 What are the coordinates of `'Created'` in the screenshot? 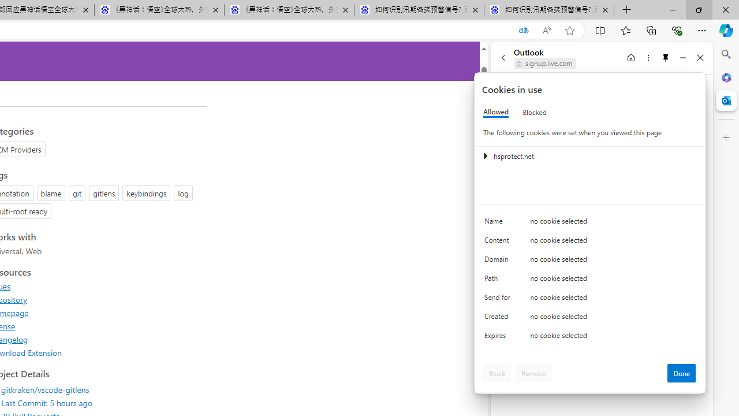 It's located at (499, 319).